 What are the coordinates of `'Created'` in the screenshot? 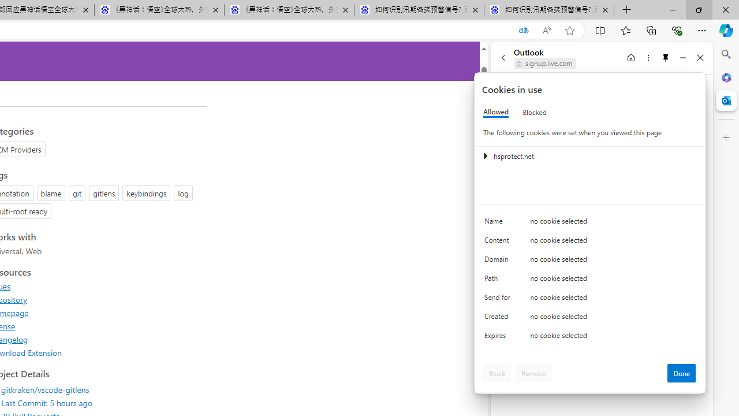 It's located at (499, 319).